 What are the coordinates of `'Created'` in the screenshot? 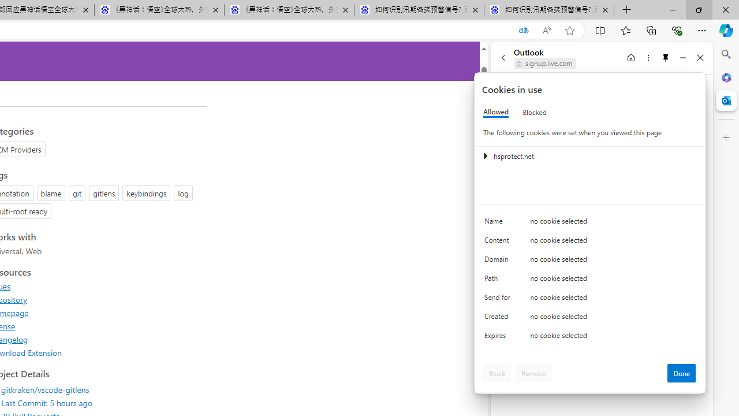 It's located at (499, 319).